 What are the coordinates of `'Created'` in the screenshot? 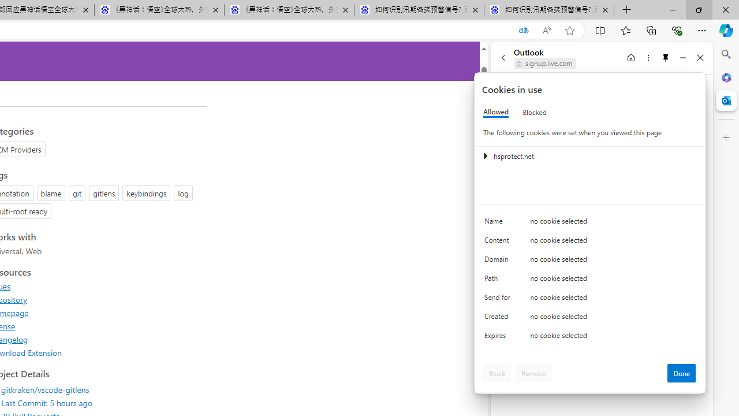 It's located at (499, 319).